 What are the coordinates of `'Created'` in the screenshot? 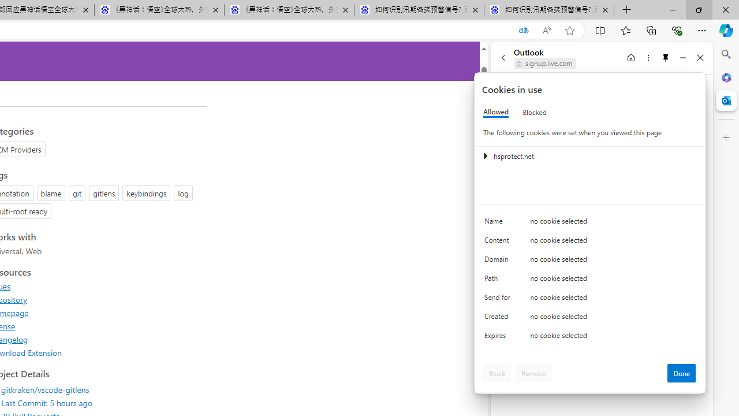 It's located at (499, 319).